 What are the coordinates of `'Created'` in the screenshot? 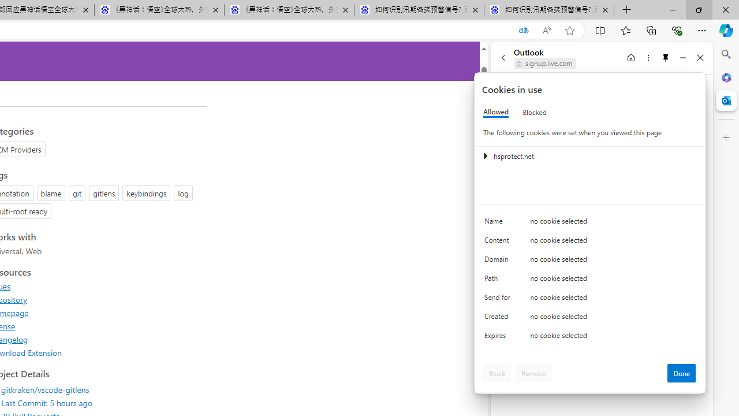 It's located at (499, 319).